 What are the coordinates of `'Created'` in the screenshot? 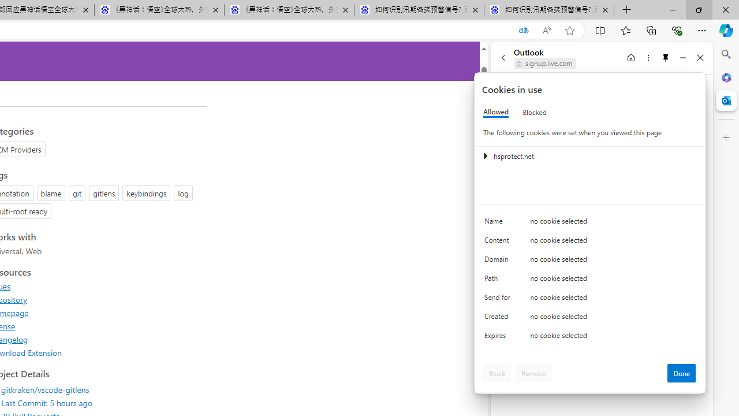 It's located at (499, 319).